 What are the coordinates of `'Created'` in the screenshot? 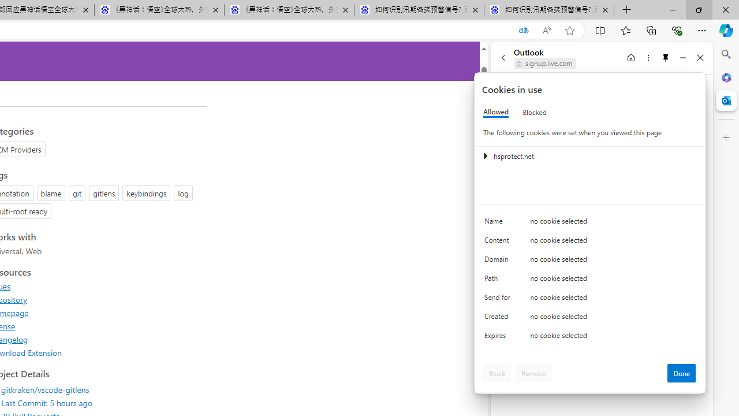 It's located at (499, 319).